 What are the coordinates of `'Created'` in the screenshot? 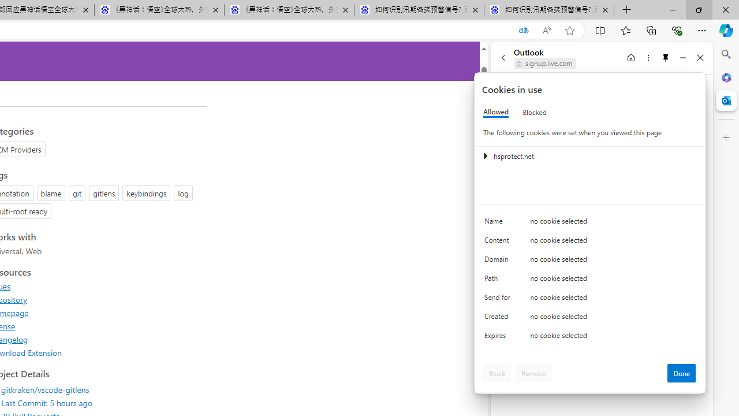 It's located at (499, 319).